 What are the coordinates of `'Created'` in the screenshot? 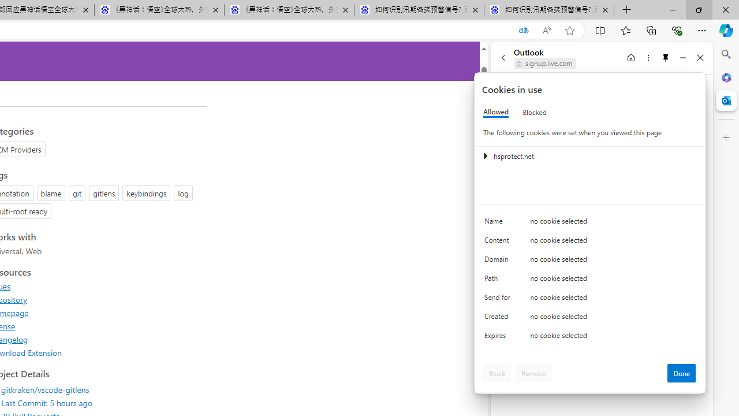 It's located at (499, 319).